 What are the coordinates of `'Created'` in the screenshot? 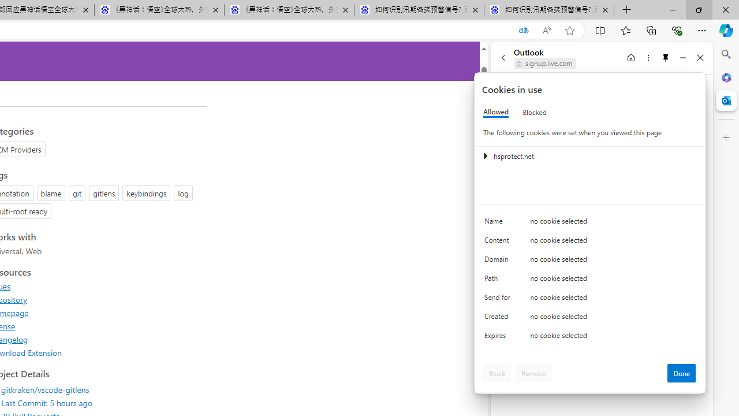 It's located at (499, 319).